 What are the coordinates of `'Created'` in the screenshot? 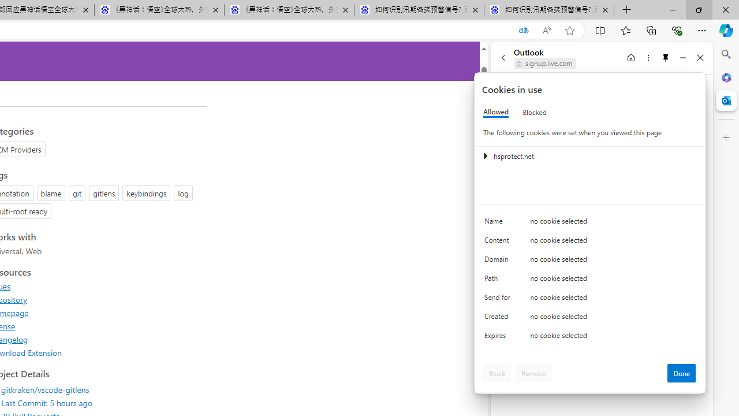 It's located at (499, 319).